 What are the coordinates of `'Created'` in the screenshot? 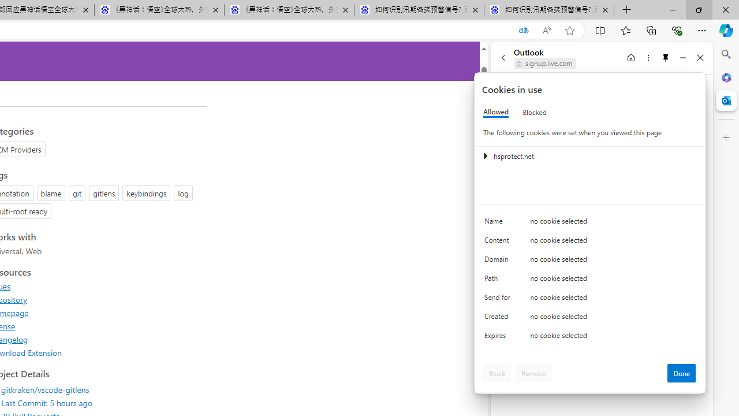 It's located at (499, 319).